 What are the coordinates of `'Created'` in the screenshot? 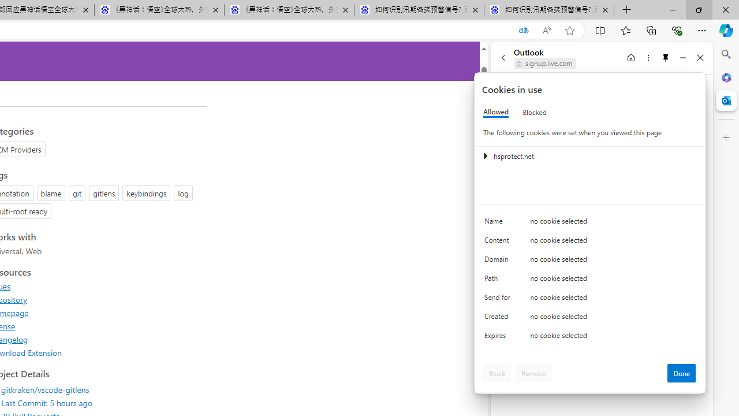 It's located at (499, 319).